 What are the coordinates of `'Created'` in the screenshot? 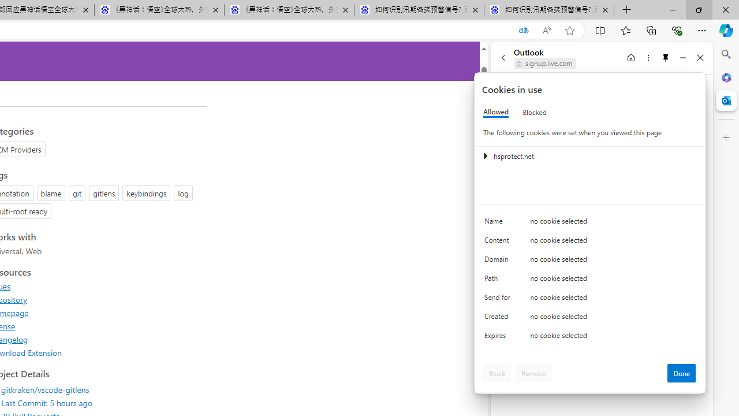 It's located at (499, 319).